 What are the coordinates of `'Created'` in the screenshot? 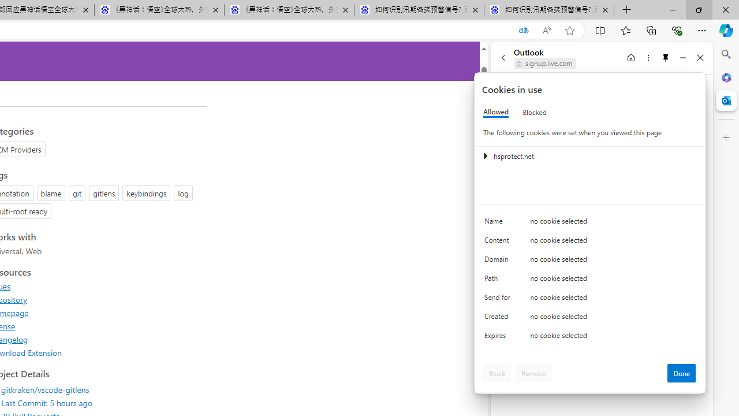 It's located at (499, 319).